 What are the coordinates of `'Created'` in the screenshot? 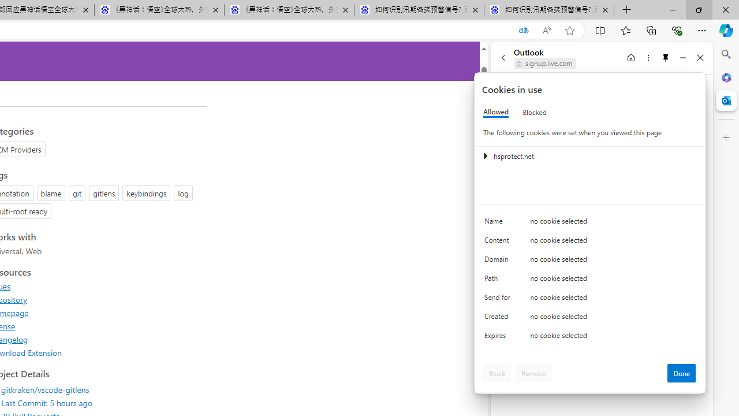 It's located at (499, 319).